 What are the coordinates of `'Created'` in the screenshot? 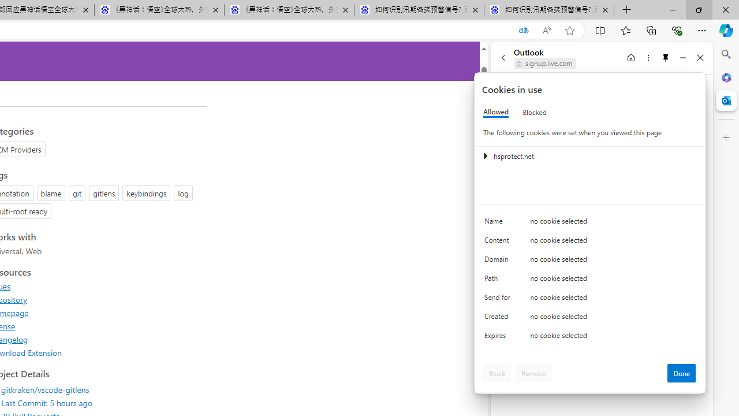 It's located at (499, 319).